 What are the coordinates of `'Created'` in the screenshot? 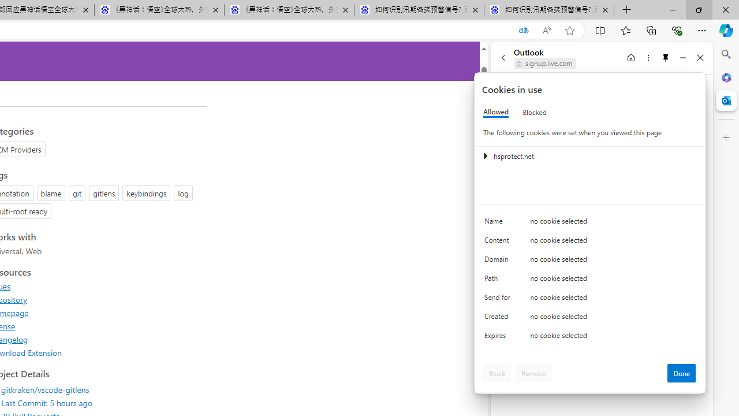 It's located at (499, 319).